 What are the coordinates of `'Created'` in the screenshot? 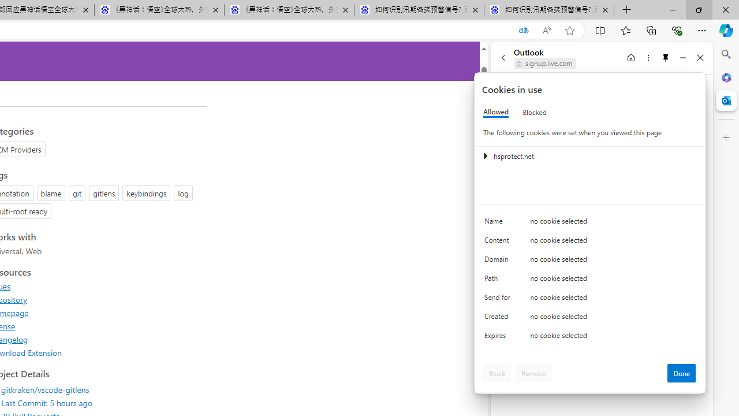 It's located at (499, 319).